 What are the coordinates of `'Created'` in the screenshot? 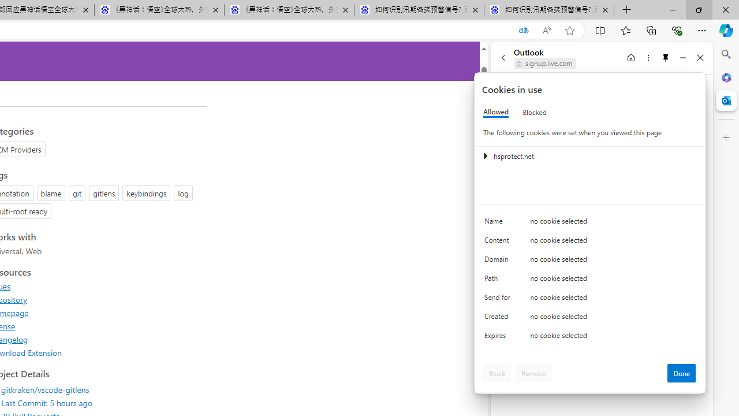 It's located at (499, 319).